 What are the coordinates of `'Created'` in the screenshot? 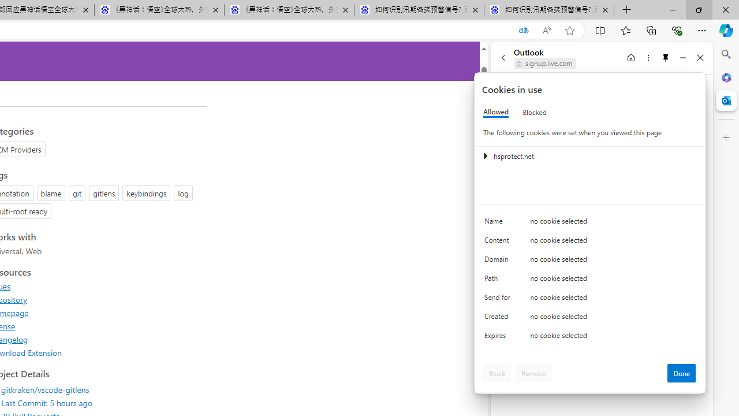 It's located at (499, 319).